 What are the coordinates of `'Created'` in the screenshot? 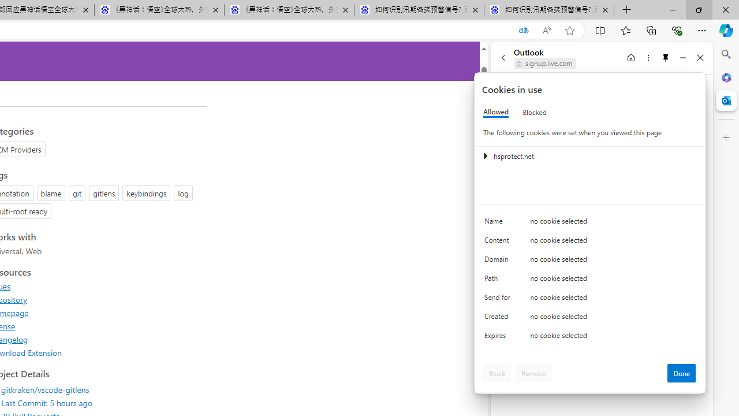 It's located at (499, 319).